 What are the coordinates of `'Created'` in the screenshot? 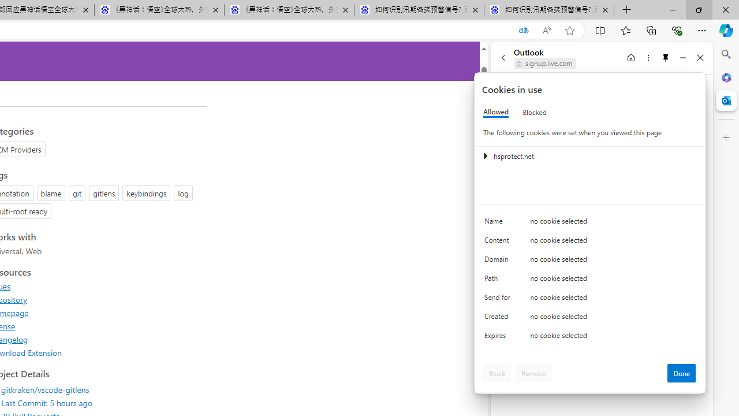 It's located at (499, 319).